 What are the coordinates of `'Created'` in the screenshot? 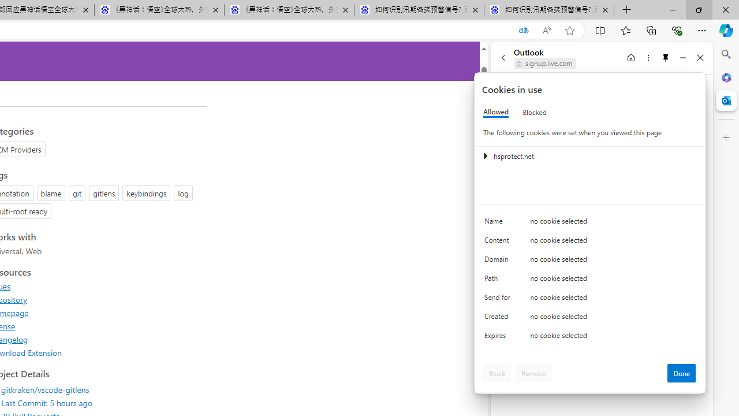 It's located at (499, 319).